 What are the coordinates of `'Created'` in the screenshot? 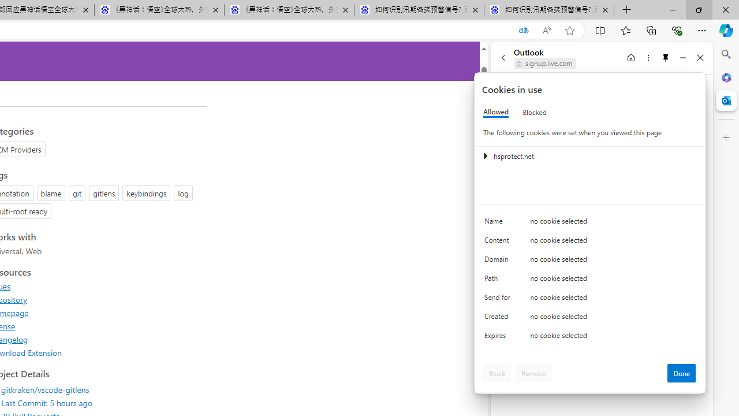 It's located at (499, 319).